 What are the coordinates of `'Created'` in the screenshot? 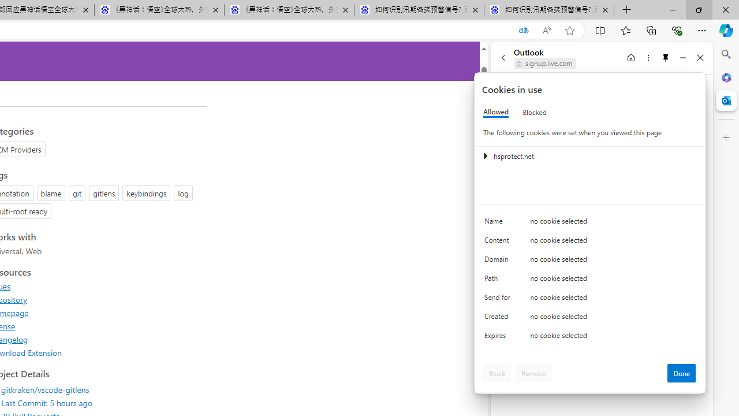 It's located at (499, 319).